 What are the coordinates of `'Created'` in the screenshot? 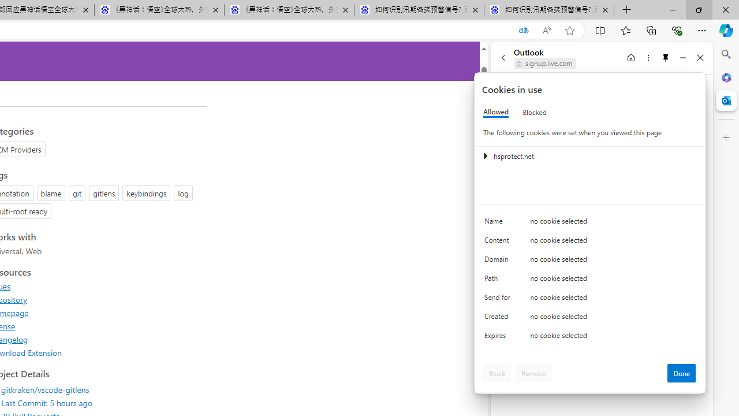 It's located at (499, 319).